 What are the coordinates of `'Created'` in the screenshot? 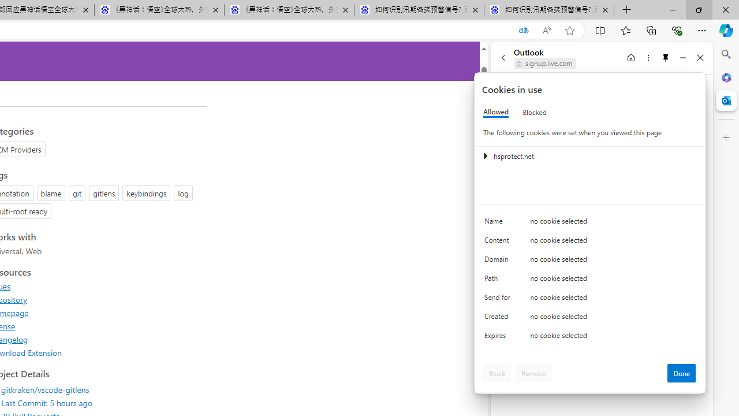 It's located at (499, 319).